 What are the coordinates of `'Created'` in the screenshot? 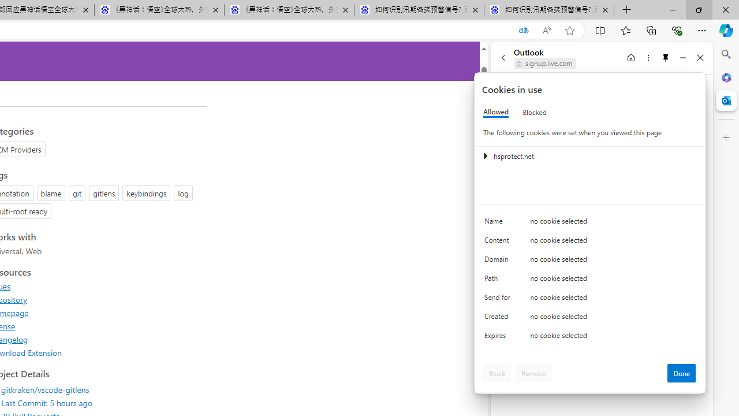 It's located at (499, 319).